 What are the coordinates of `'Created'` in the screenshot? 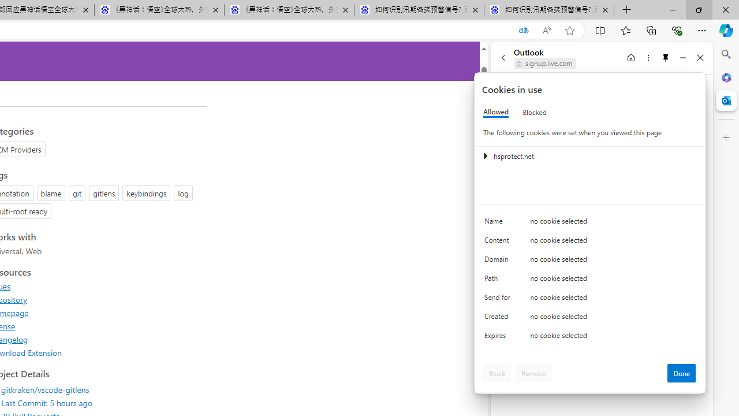 It's located at (499, 319).